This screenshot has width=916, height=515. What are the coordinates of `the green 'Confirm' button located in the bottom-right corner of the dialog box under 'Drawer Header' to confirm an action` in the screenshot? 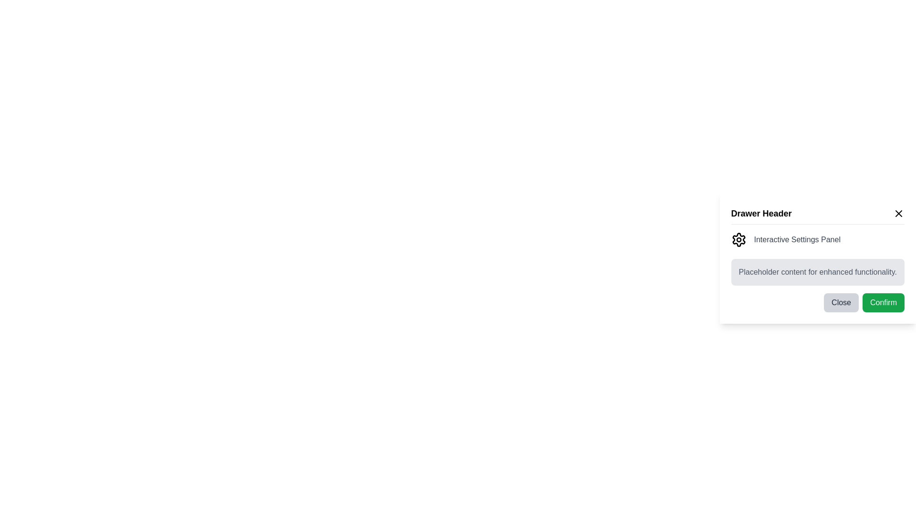 It's located at (883, 302).